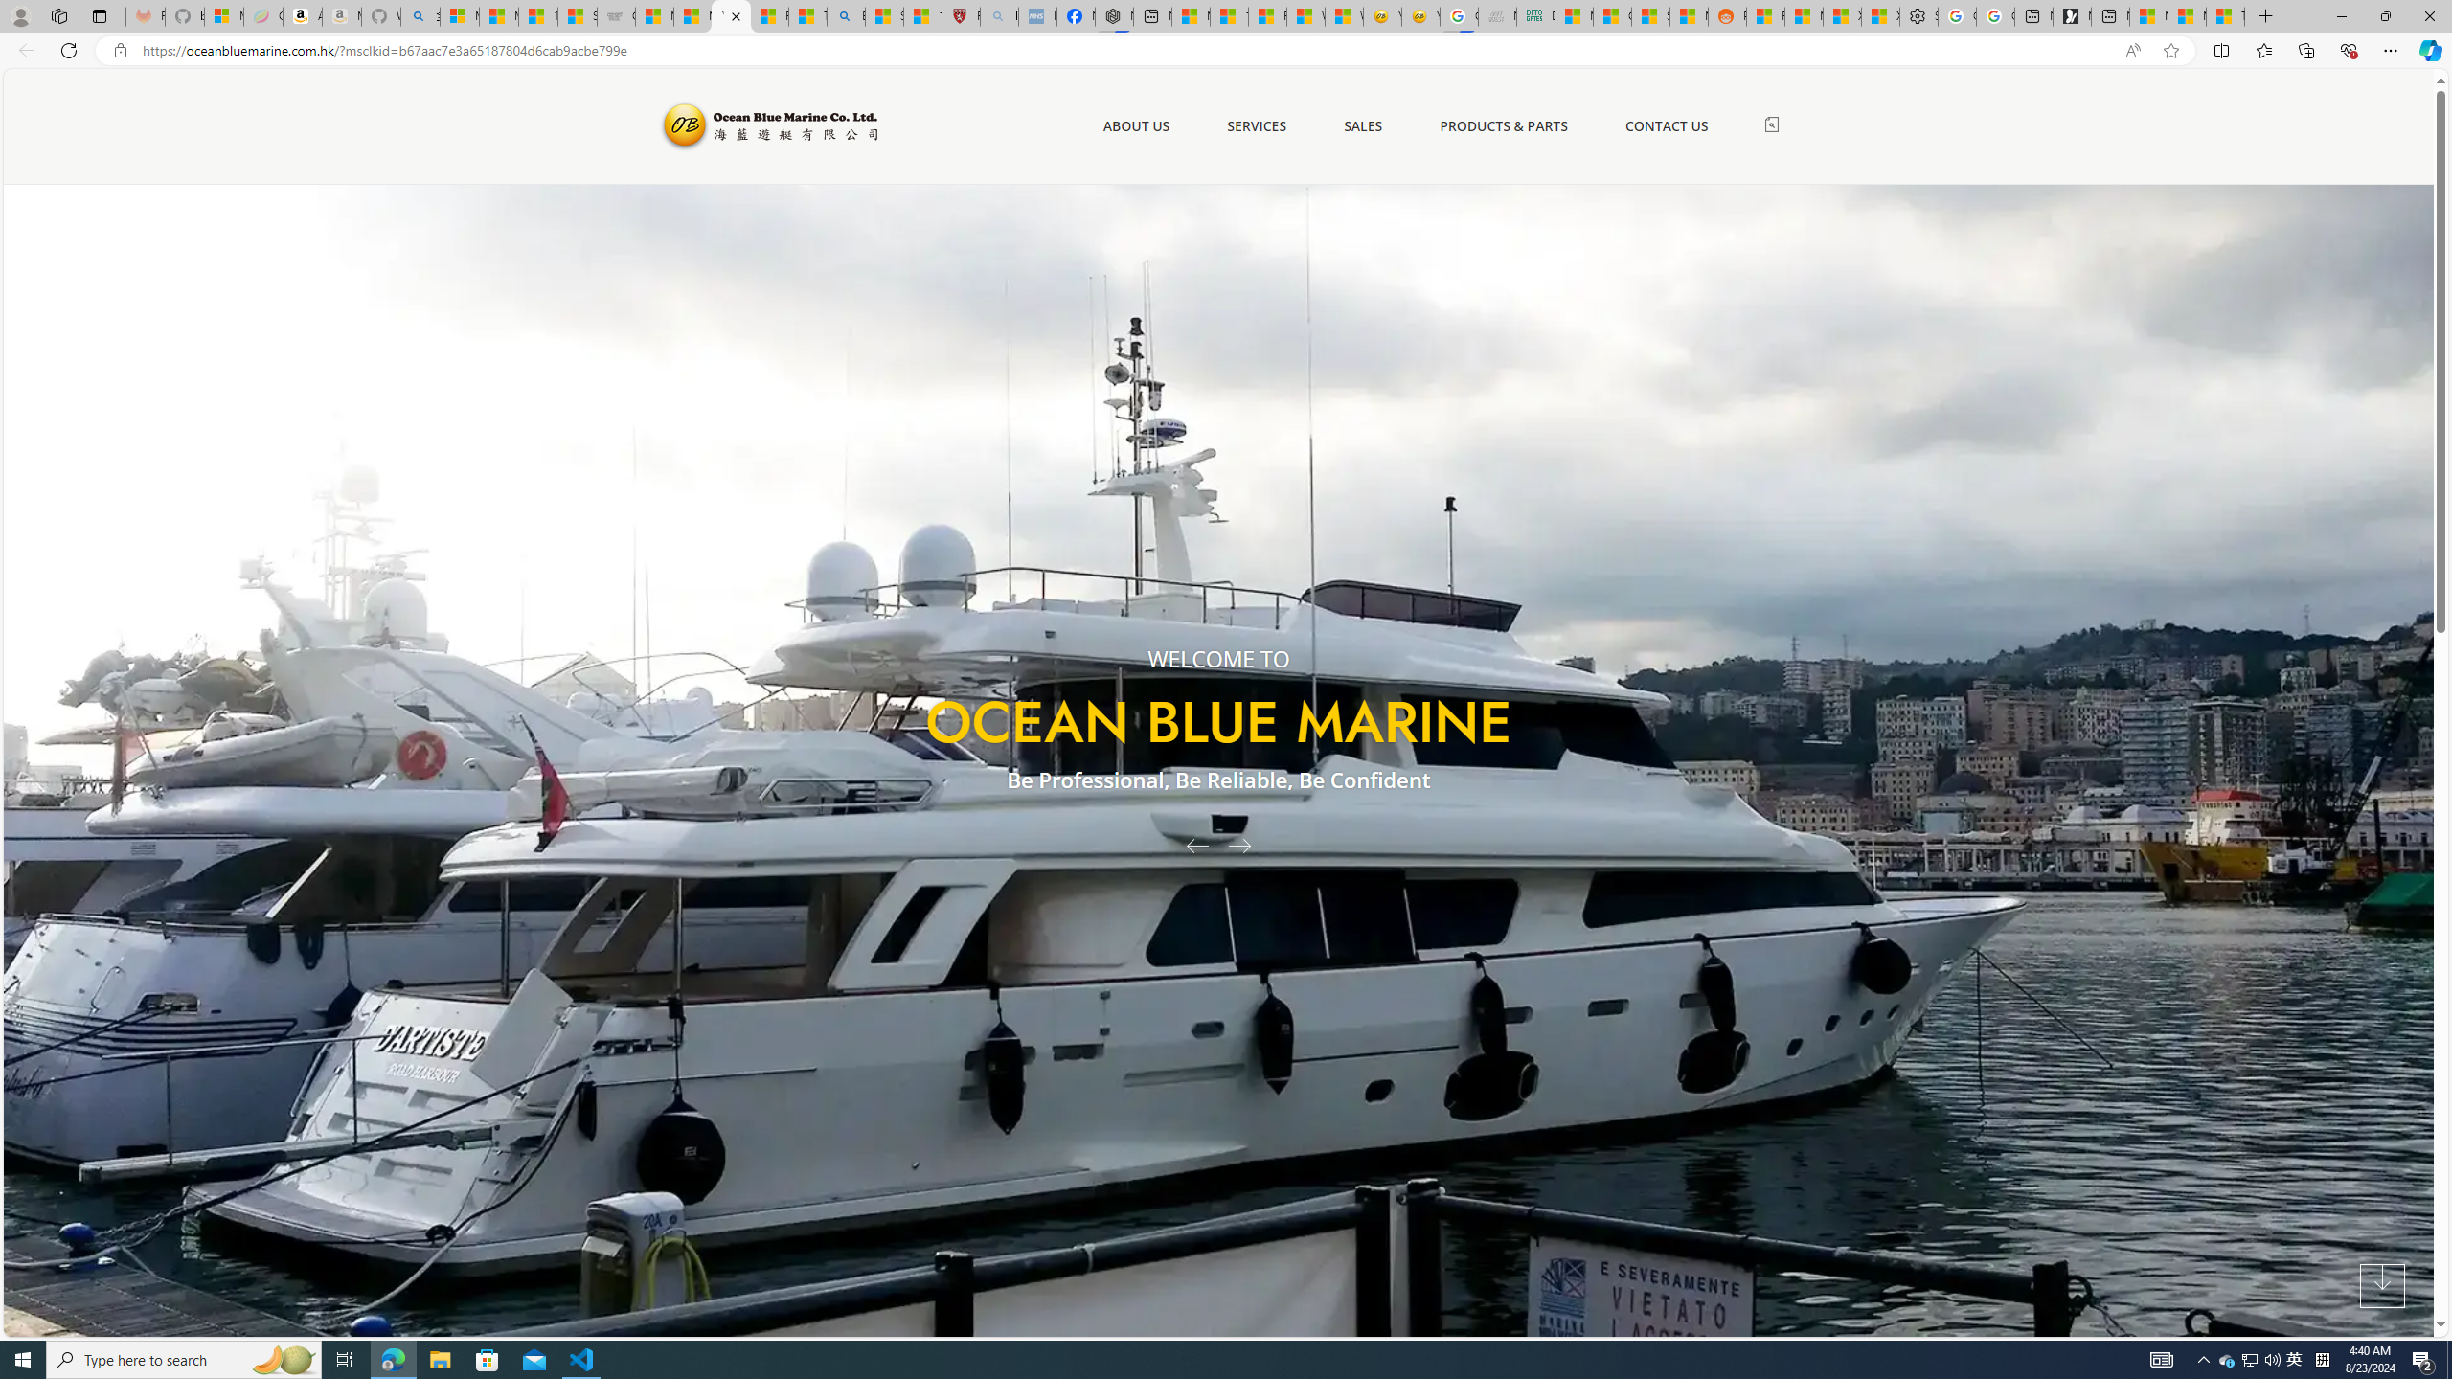 This screenshot has width=2452, height=1379. I want to click on 'Bing', so click(845, 15).